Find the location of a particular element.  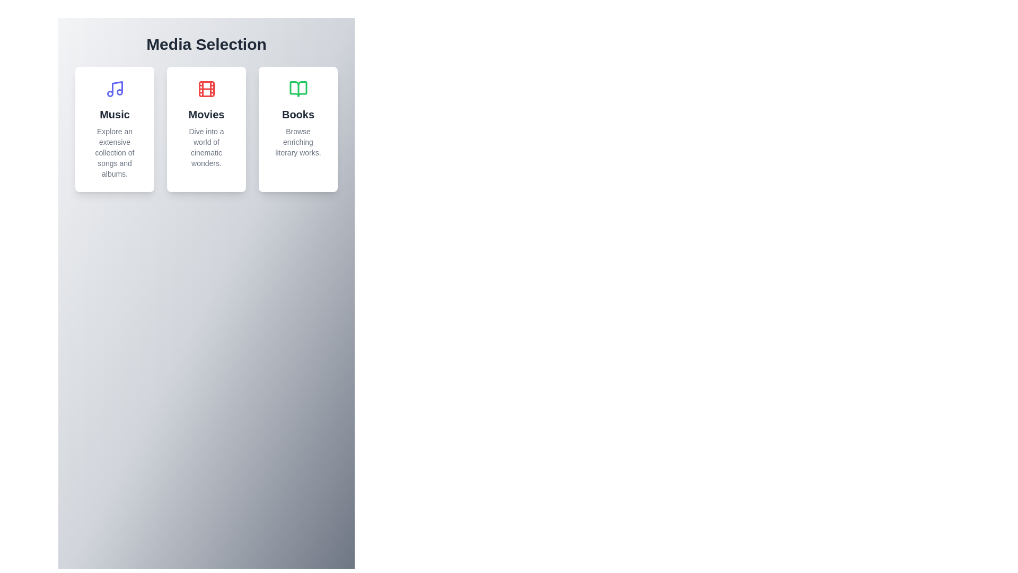

the decorative visual detail enhancing the 'Music' icon, located near the upper-right portion of the musical note icon within the 'Music' card is located at coordinates (119, 91).